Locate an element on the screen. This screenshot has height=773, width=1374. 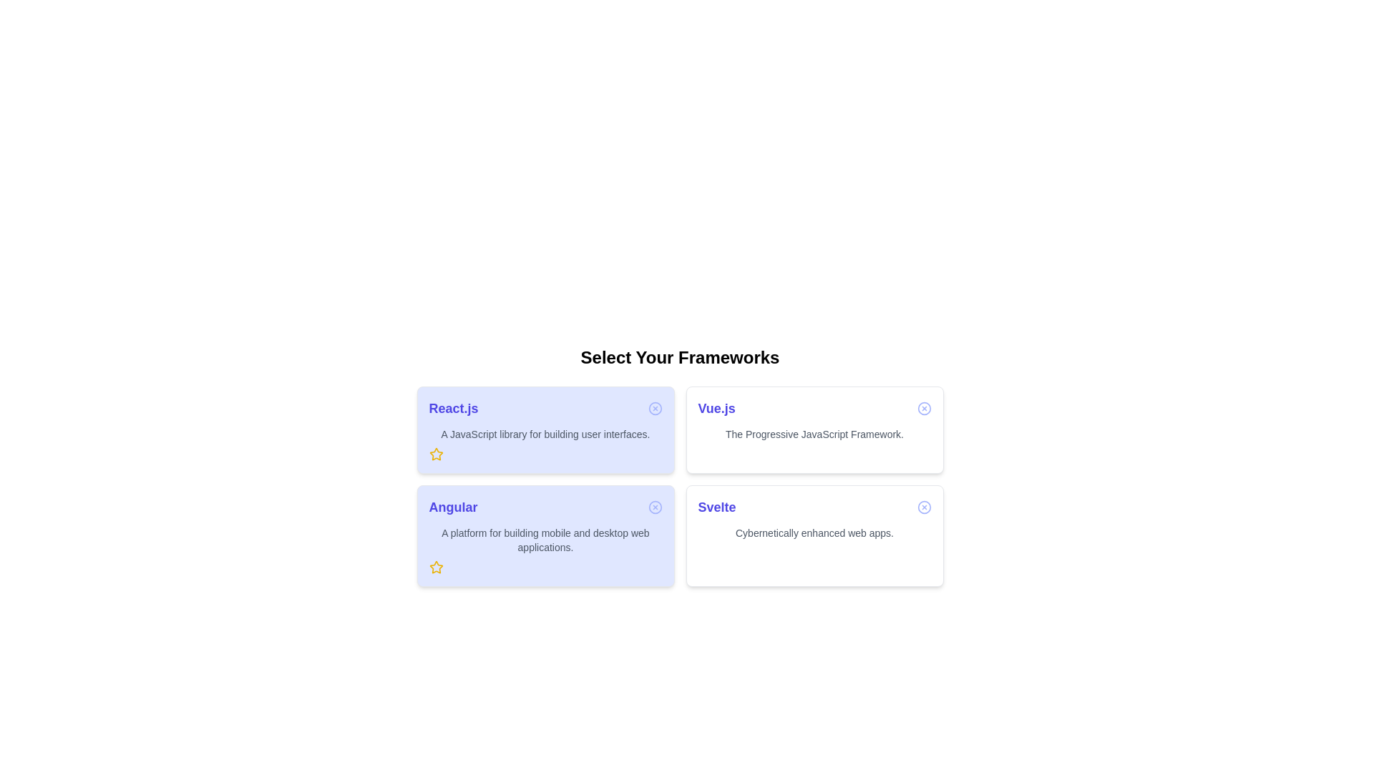
the chip labeled Svelte to observe its hover effect is located at coordinates (814, 535).